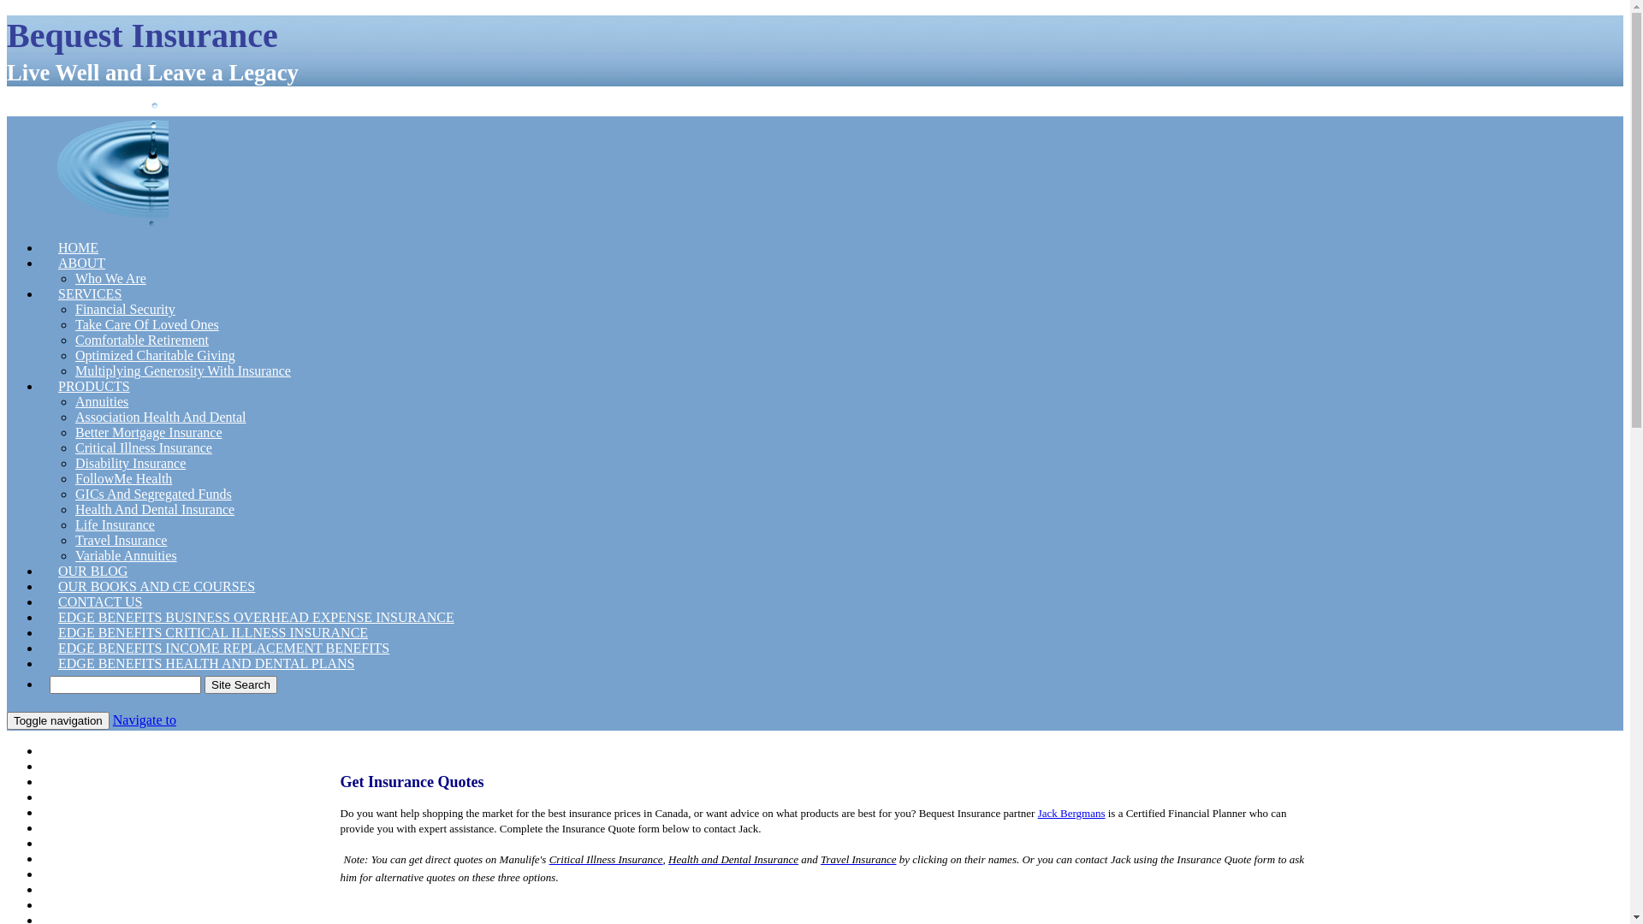  What do you see at coordinates (89, 293) in the screenshot?
I see `'SERVICES'` at bounding box center [89, 293].